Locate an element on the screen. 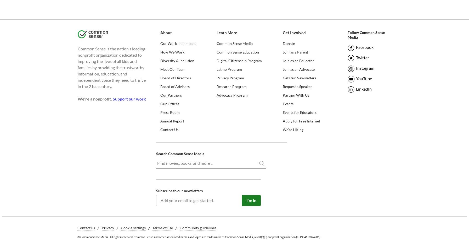  'LinkedIn' is located at coordinates (363, 89).